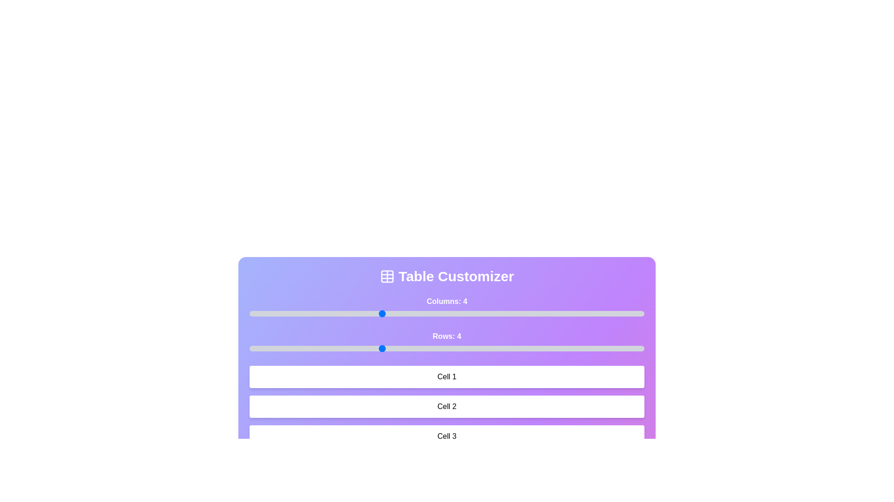 The height and width of the screenshot is (502, 894). What do you see at coordinates (447, 314) in the screenshot?
I see `the column slider to set the number of columns to 5` at bounding box center [447, 314].